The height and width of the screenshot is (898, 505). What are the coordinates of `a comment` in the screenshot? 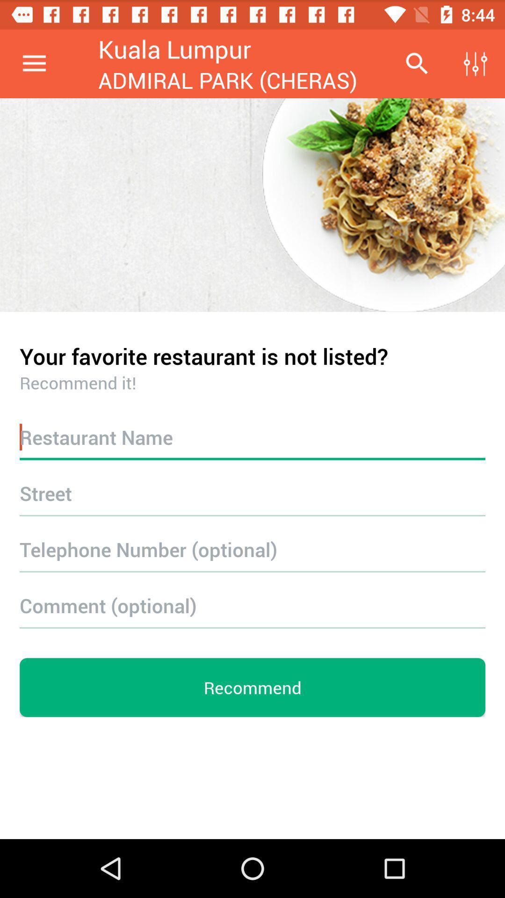 It's located at (252, 605).